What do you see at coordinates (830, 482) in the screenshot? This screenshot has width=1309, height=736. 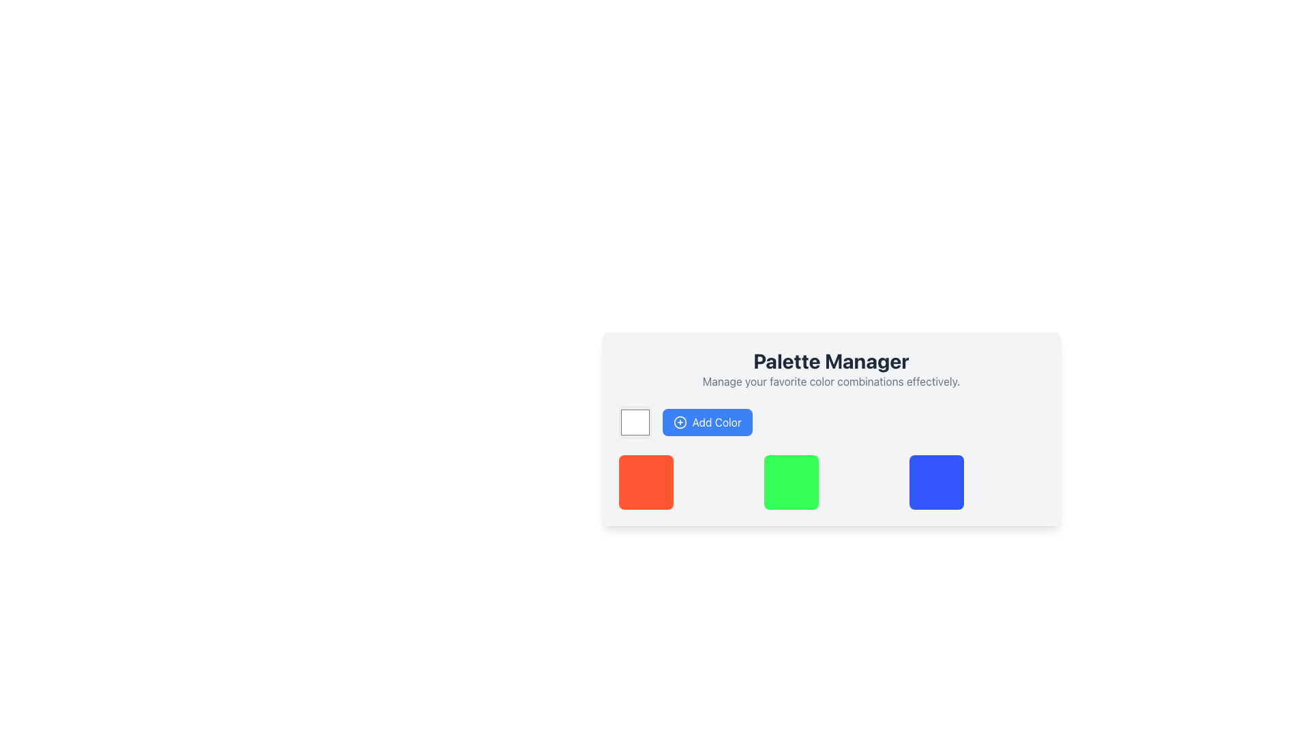 I see `the Color Preview Block, which is the second item in the grid layout of the Palette Manager` at bounding box center [830, 482].